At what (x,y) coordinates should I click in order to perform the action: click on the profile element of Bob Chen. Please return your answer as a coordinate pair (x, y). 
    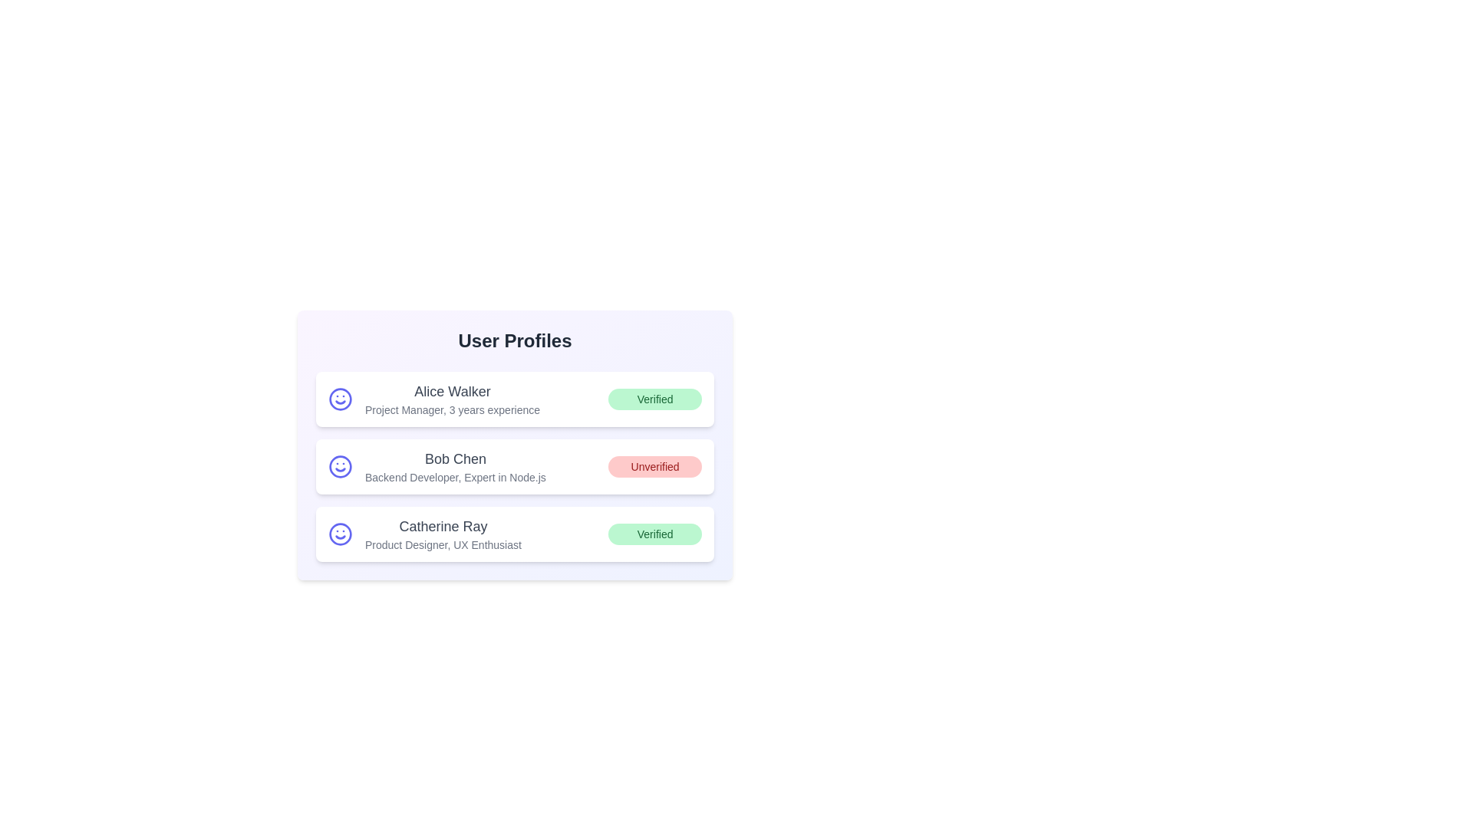
    Looking at the image, I should click on (515, 466).